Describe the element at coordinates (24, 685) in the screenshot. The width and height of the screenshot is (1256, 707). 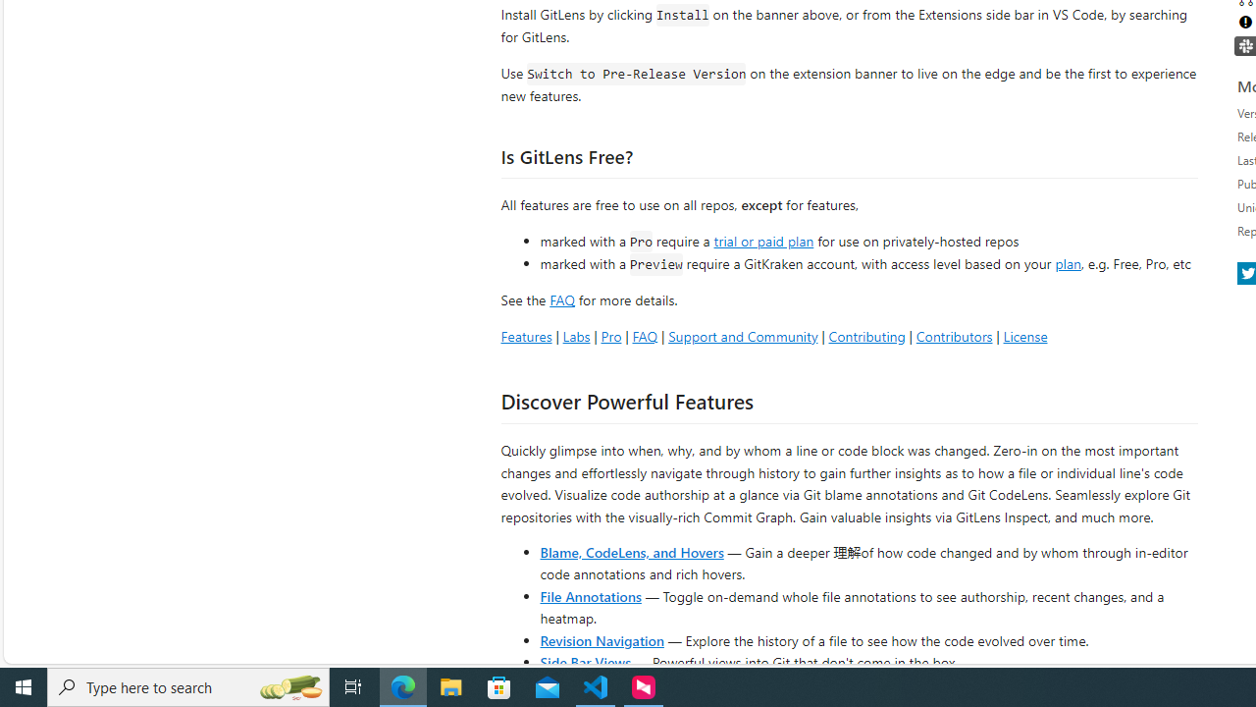
I see `'Start'` at that location.